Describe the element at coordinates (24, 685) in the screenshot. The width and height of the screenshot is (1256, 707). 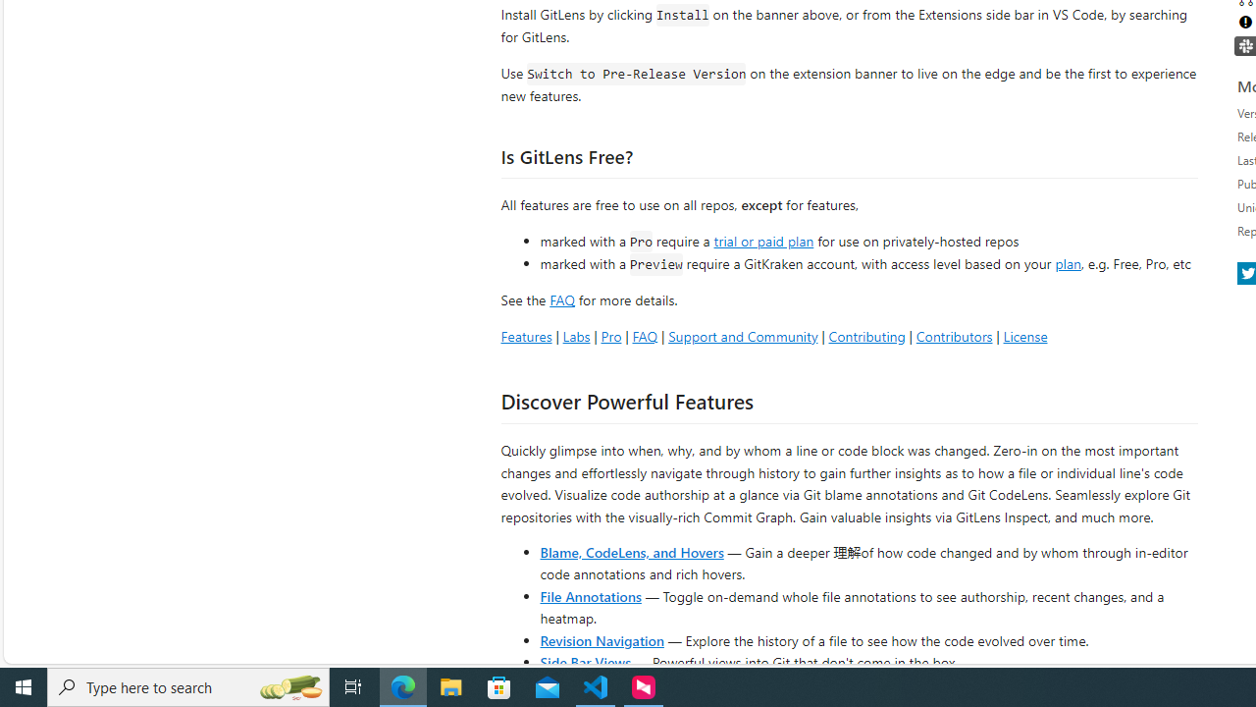
I see `'Start'` at that location.